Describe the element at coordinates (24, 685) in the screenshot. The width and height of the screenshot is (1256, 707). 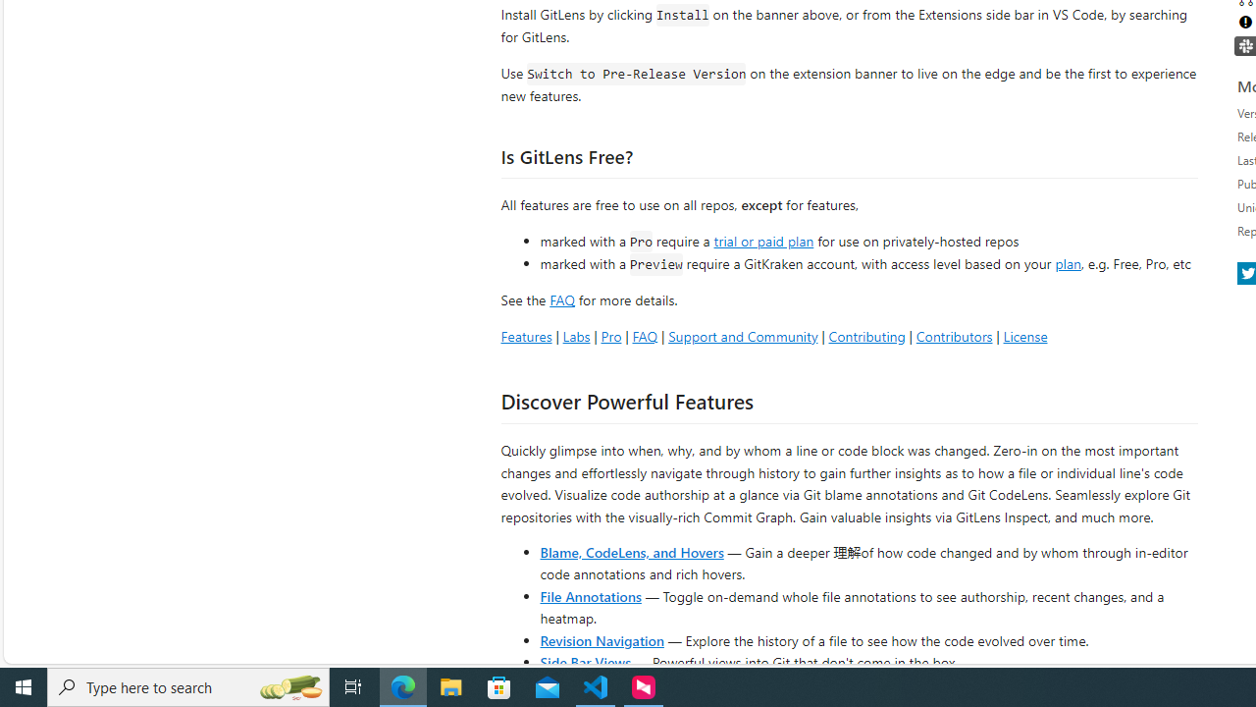
I see `'Start'` at that location.